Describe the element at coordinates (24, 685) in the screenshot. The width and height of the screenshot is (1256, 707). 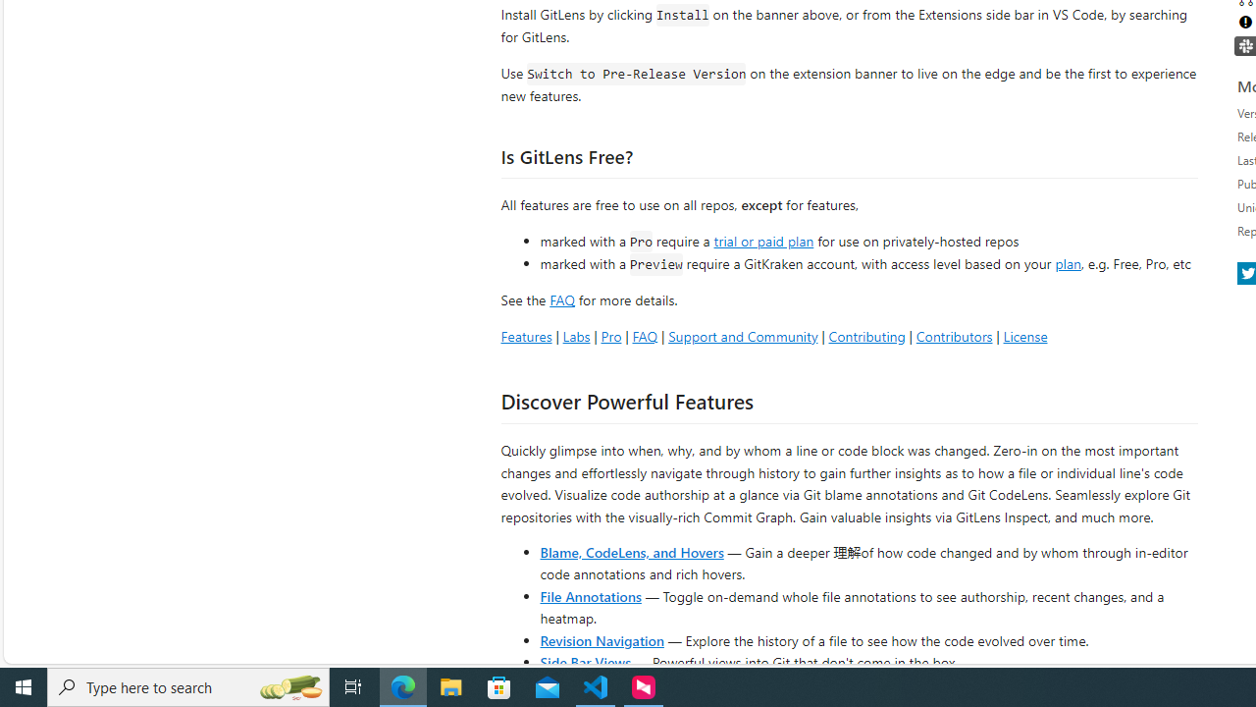
I see `'Start'` at that location.